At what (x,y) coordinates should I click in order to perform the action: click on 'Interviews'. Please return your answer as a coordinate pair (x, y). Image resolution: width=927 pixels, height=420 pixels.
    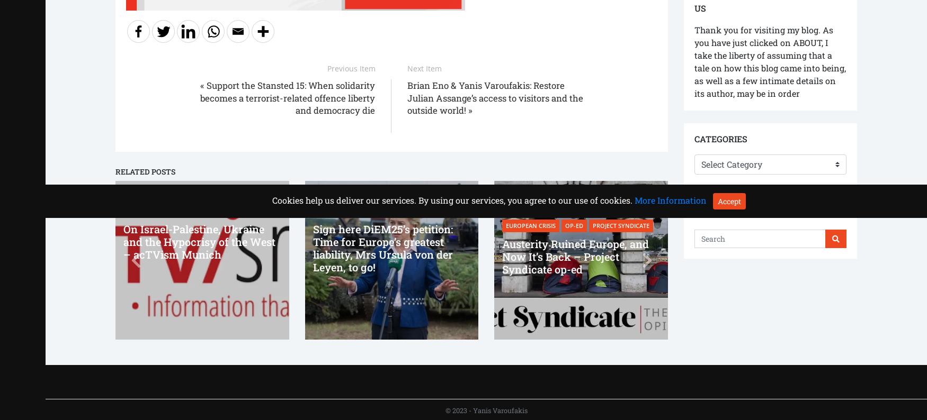
    Looking at the image, I should click on (251, 195).